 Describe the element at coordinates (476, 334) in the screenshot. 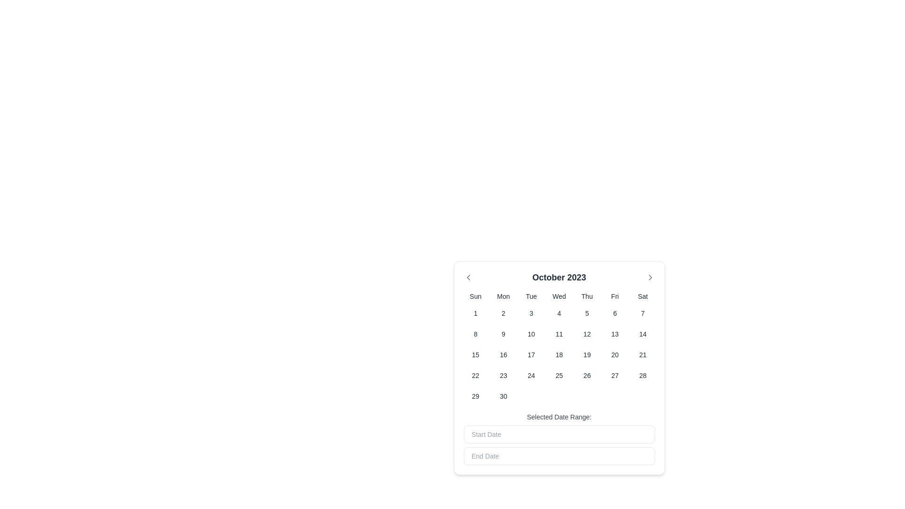

I see `the rounded rectangle button displaying the number '8'` at that location.